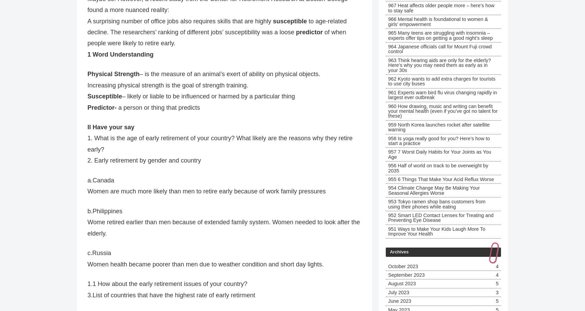  I want to click on '962 Kyoto wants to add extra charges for tourists to use city buses', so click(441, 81).